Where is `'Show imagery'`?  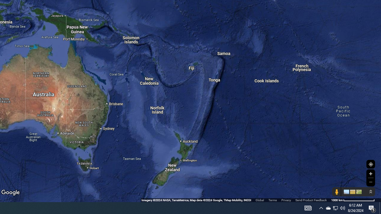 'Show imagery' is located at coordinates (358, 192).